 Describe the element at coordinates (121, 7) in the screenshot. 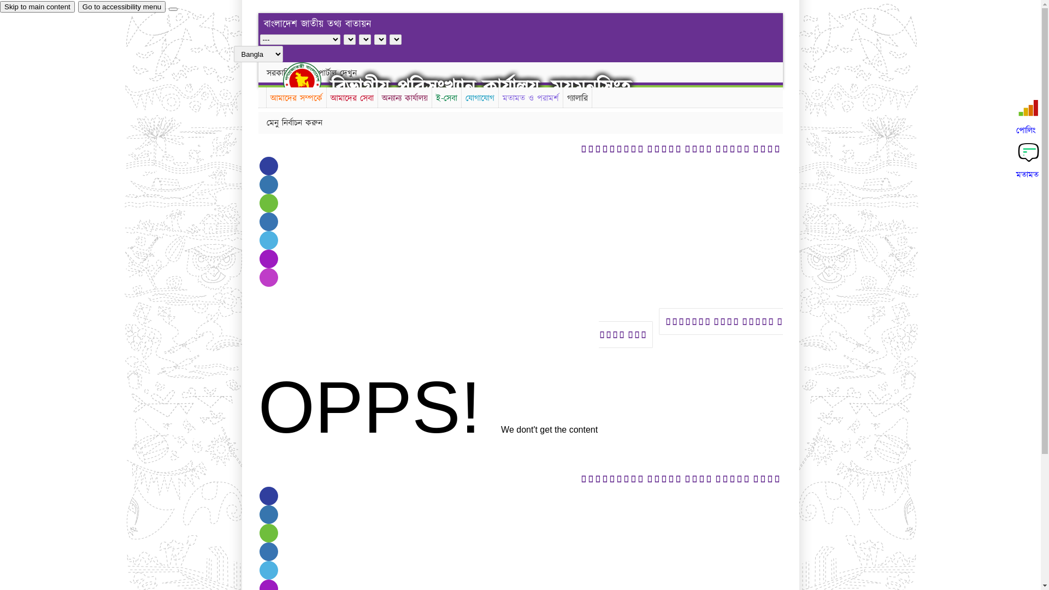

I see `'Go to accessibility menu'` at that location.